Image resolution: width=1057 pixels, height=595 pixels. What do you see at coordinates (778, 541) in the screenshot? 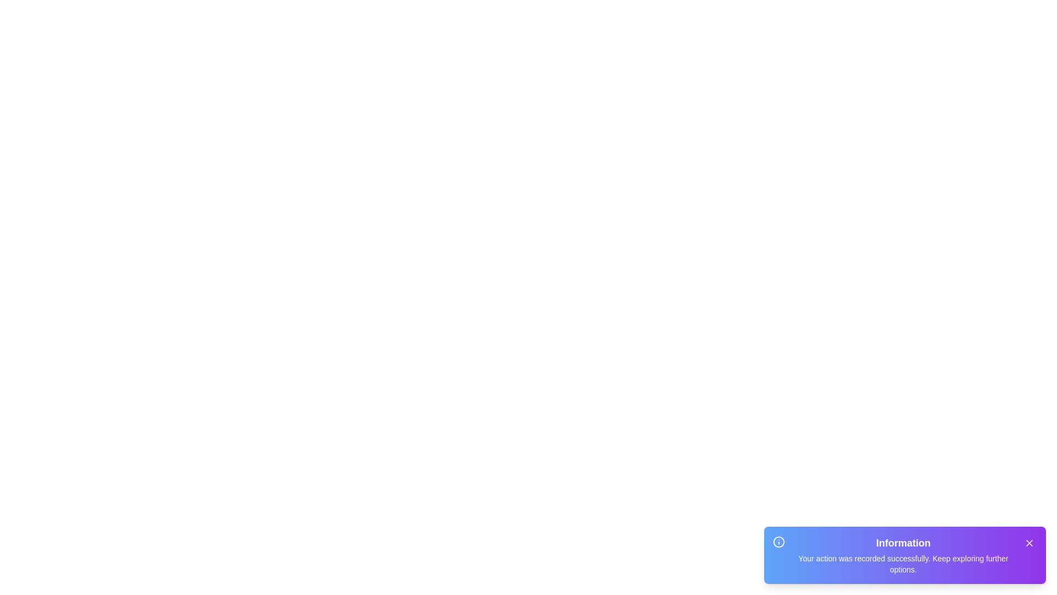
I see `the information icon` at bounding box center [778, 541].